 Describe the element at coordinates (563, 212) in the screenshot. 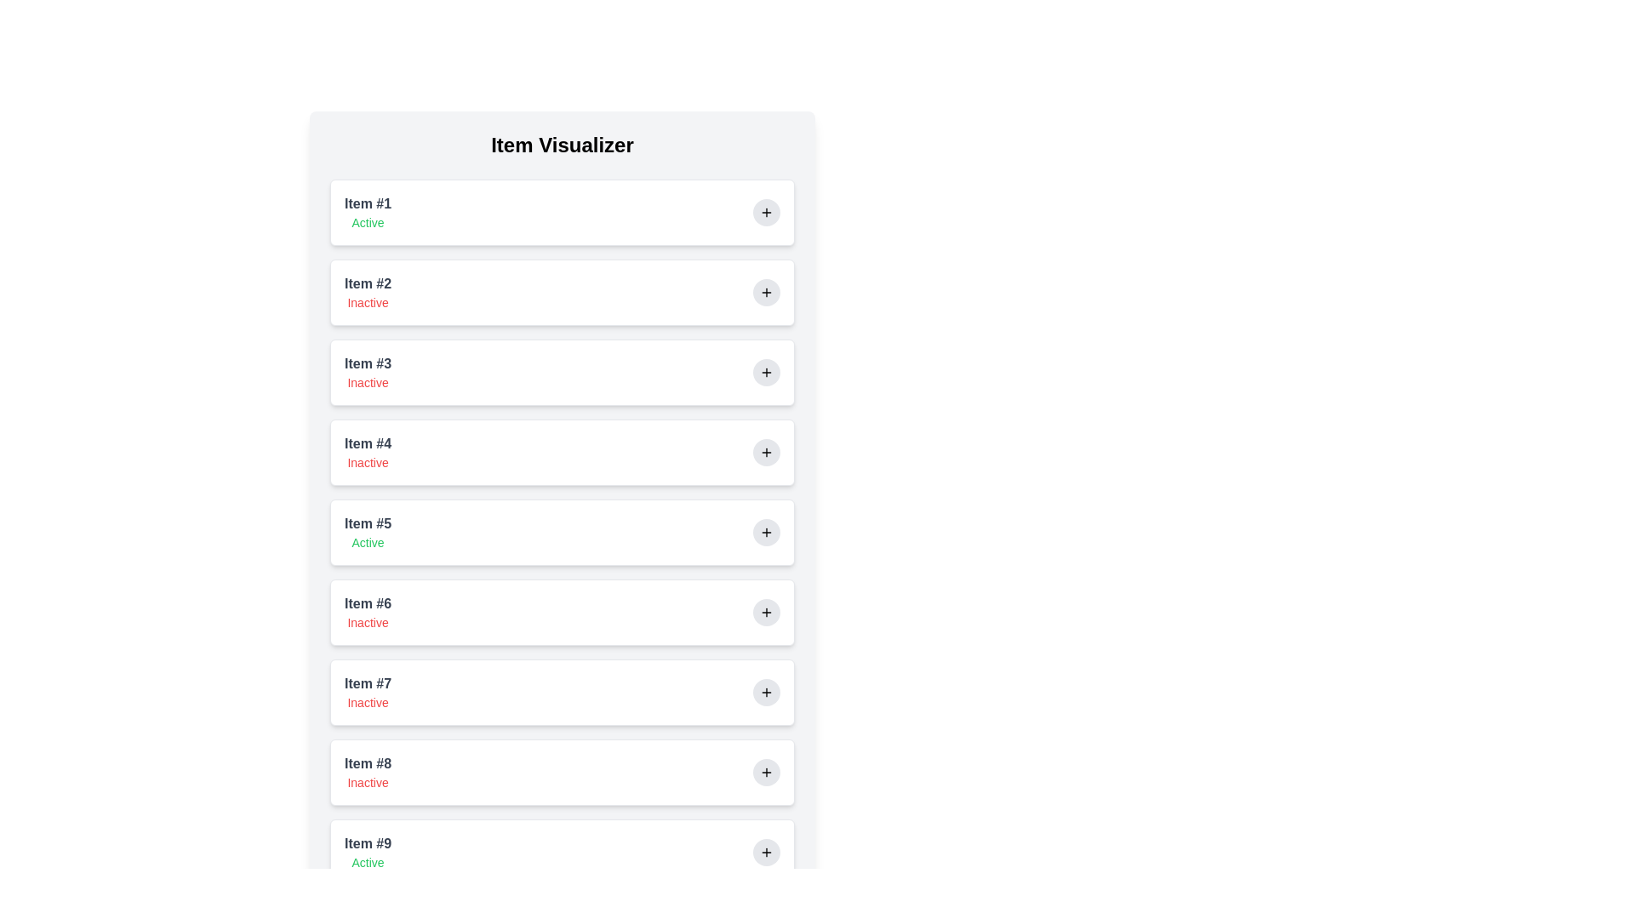

I see `the item to highlight its border` at that location.